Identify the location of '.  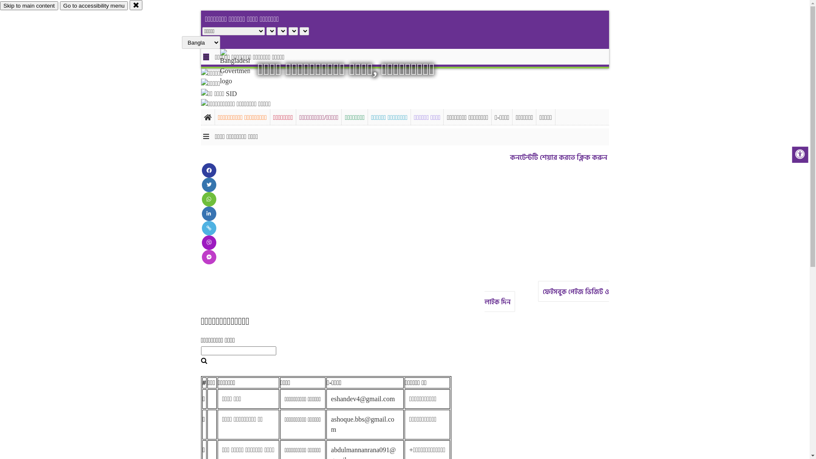
(220, 67).